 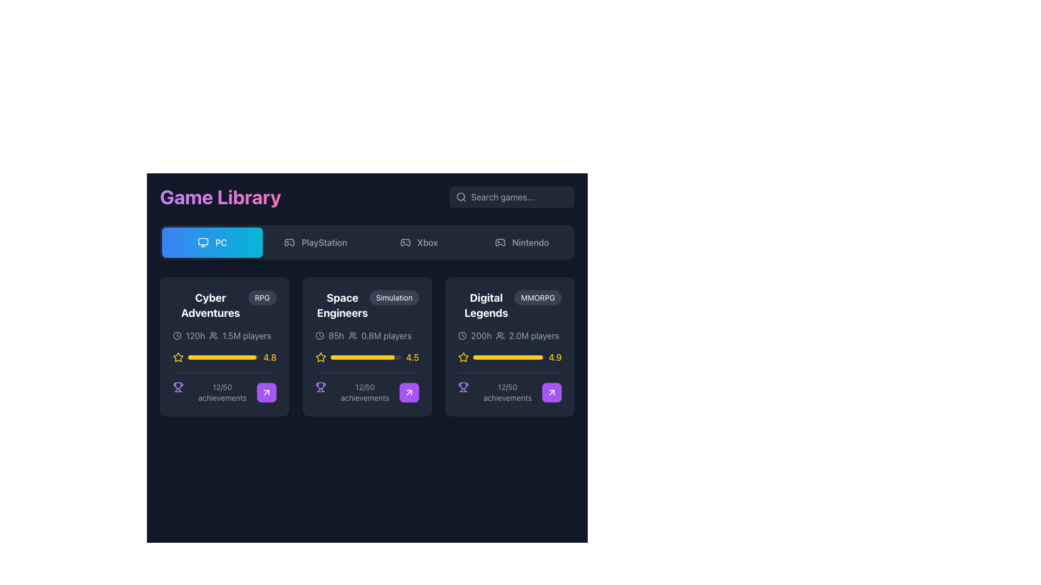 What do you see at coordinates (366, 357) in the screenshot?
I see `the horizontal progress bar representing the score or completion rate, which is styled with a dark gray background and a yellow inner bar, located in the middle card of the game library interface` at bounding box center [366, 357].